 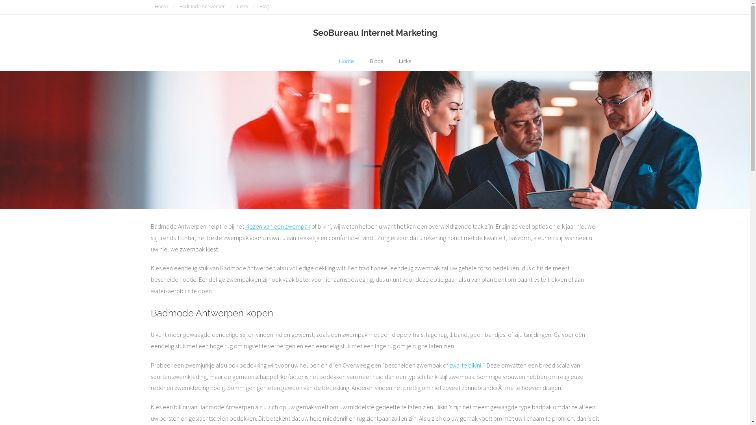 What do you see at coordinates (160, 7) in the screenshot?
I see `'Home'` at bounding box center [160, 7].